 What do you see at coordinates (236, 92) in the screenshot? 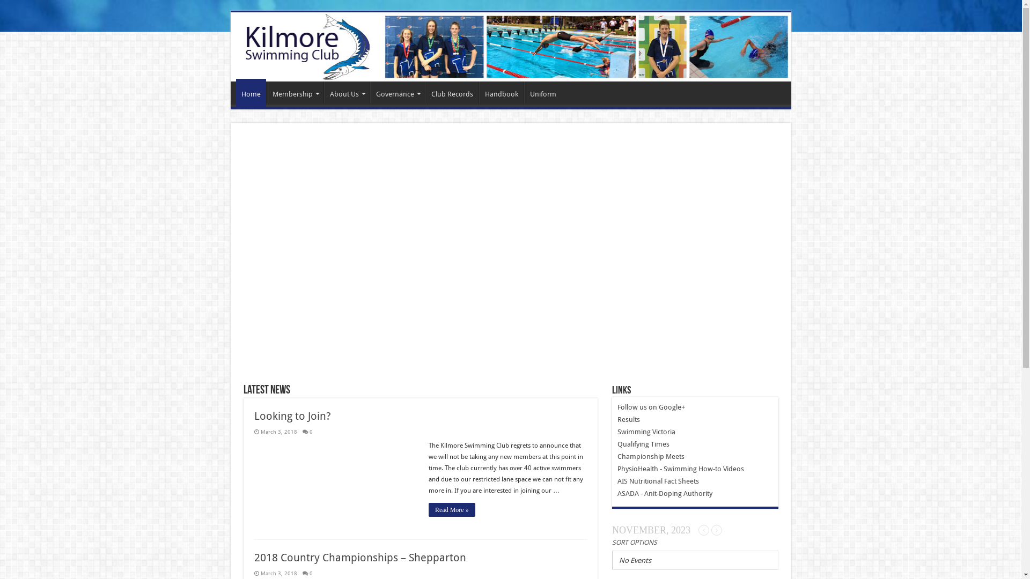
I see `'Home'` at bounding box center [236, 92].